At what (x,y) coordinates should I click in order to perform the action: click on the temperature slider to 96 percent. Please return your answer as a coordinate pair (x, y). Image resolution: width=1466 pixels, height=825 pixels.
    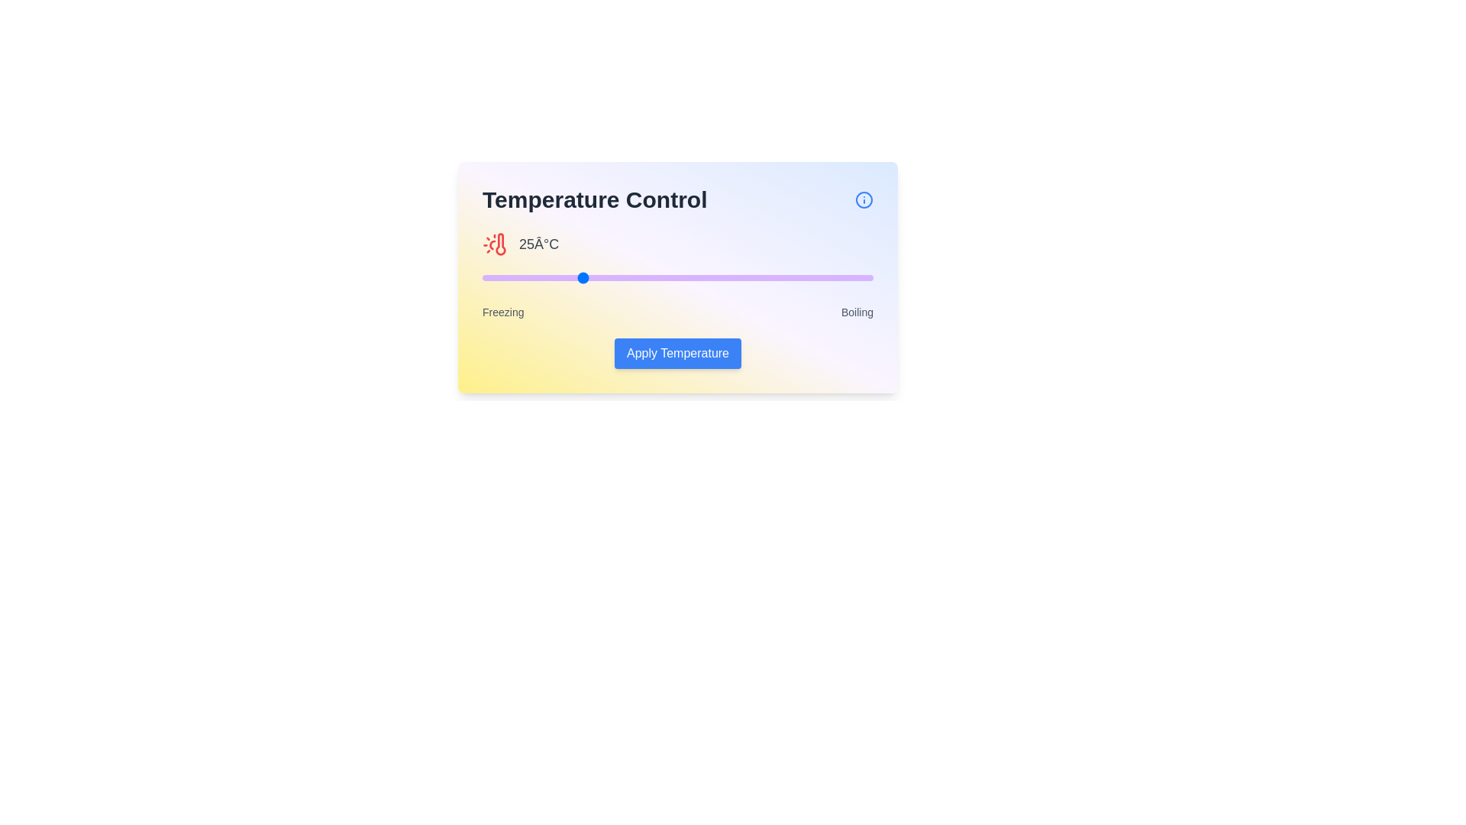
    Looking at the image, I should click on (857, 277).